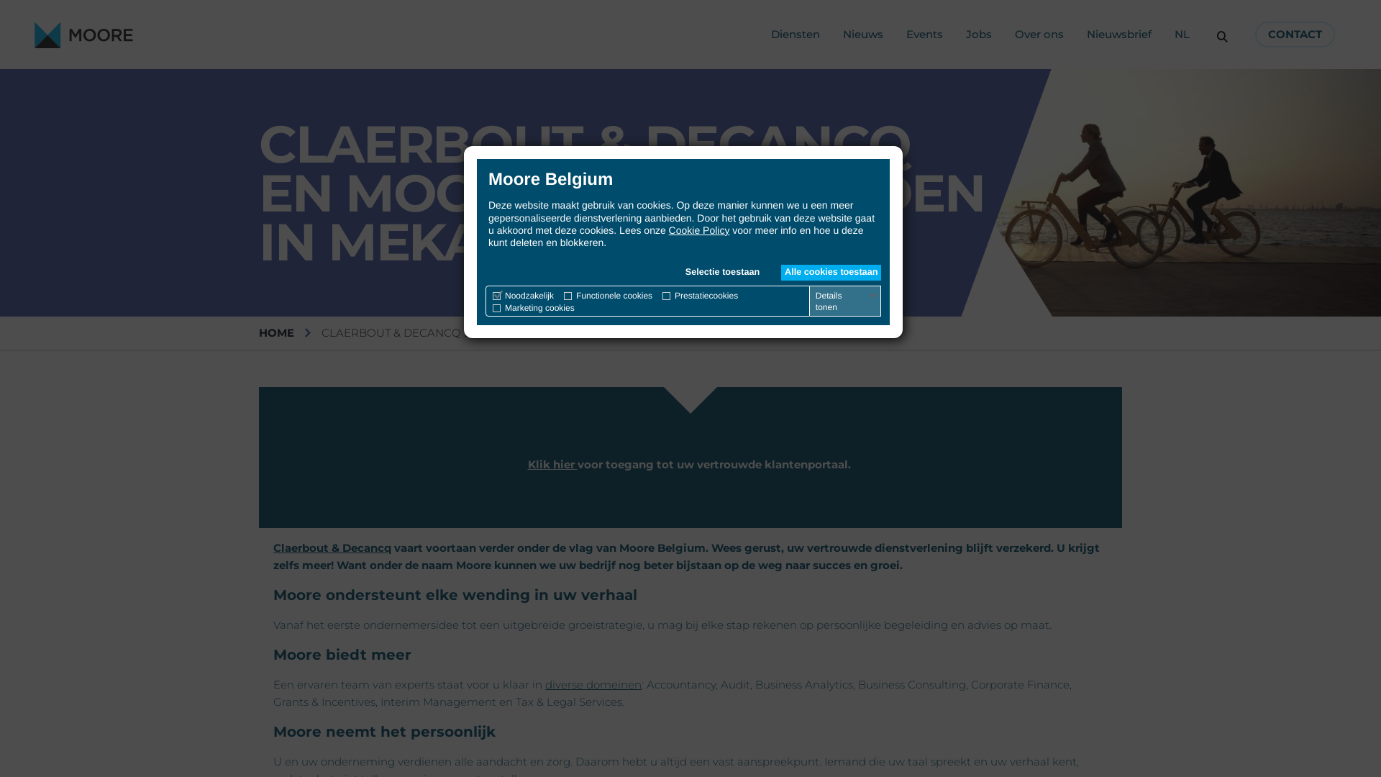  I want to click on 'Alle cookies toestaan', so click(780, 272).